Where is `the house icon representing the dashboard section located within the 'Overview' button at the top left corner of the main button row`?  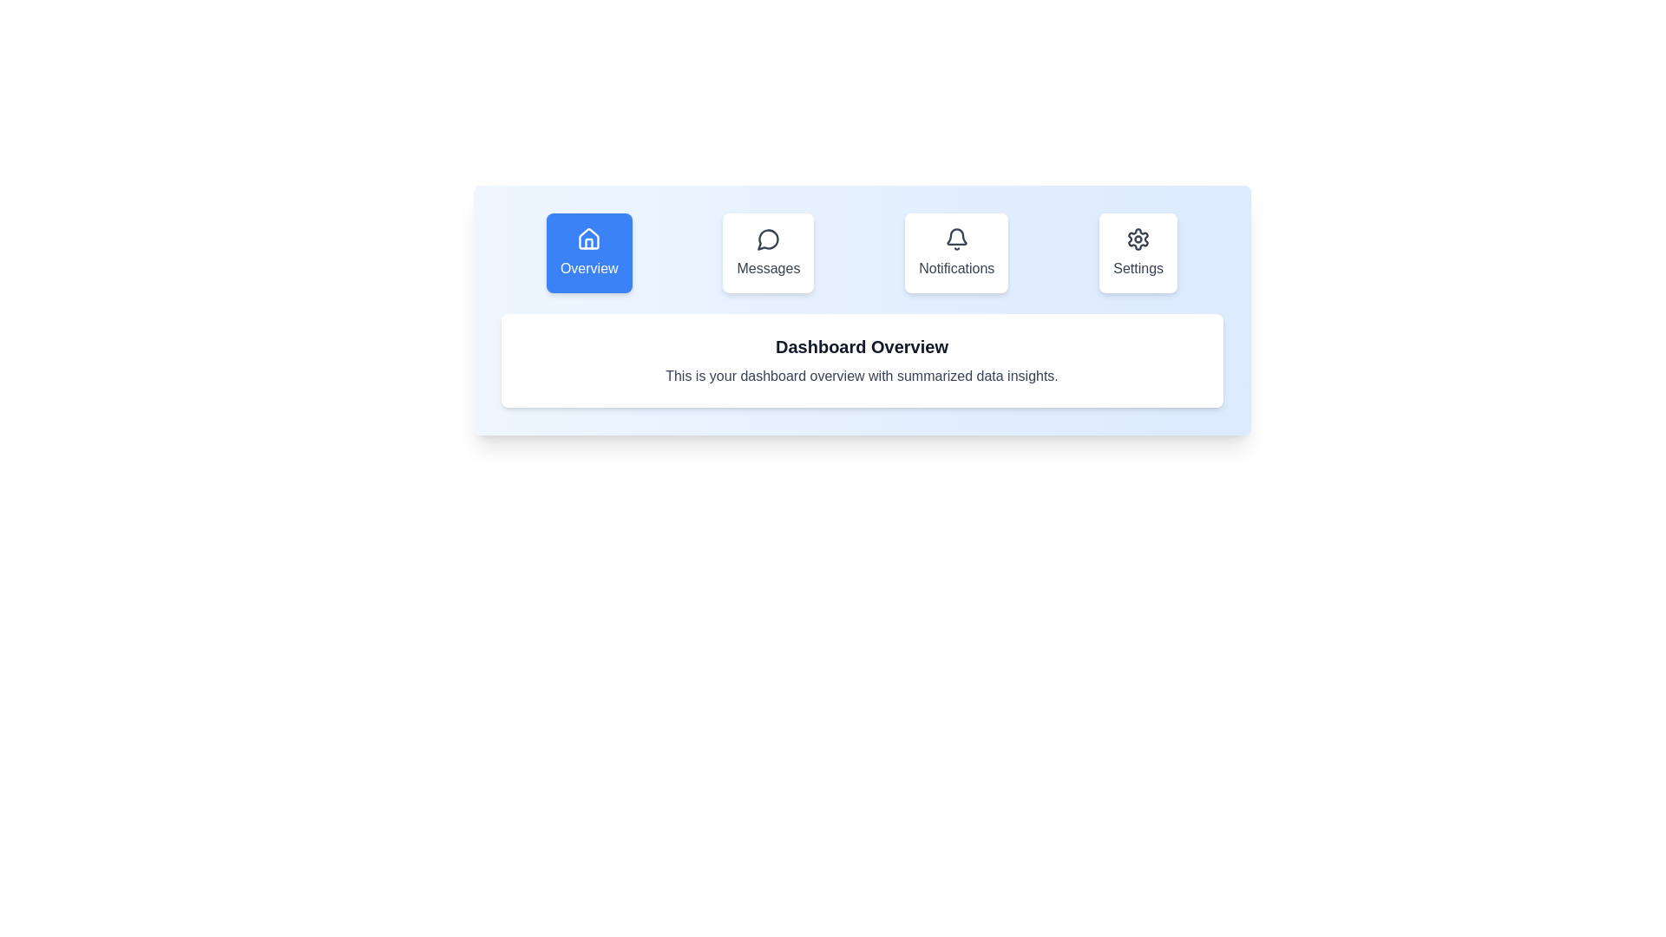
the house icon representing the dashboard section located within the 'Overview' button at the top left corner of the main button row is located at coordinates (589, 239).